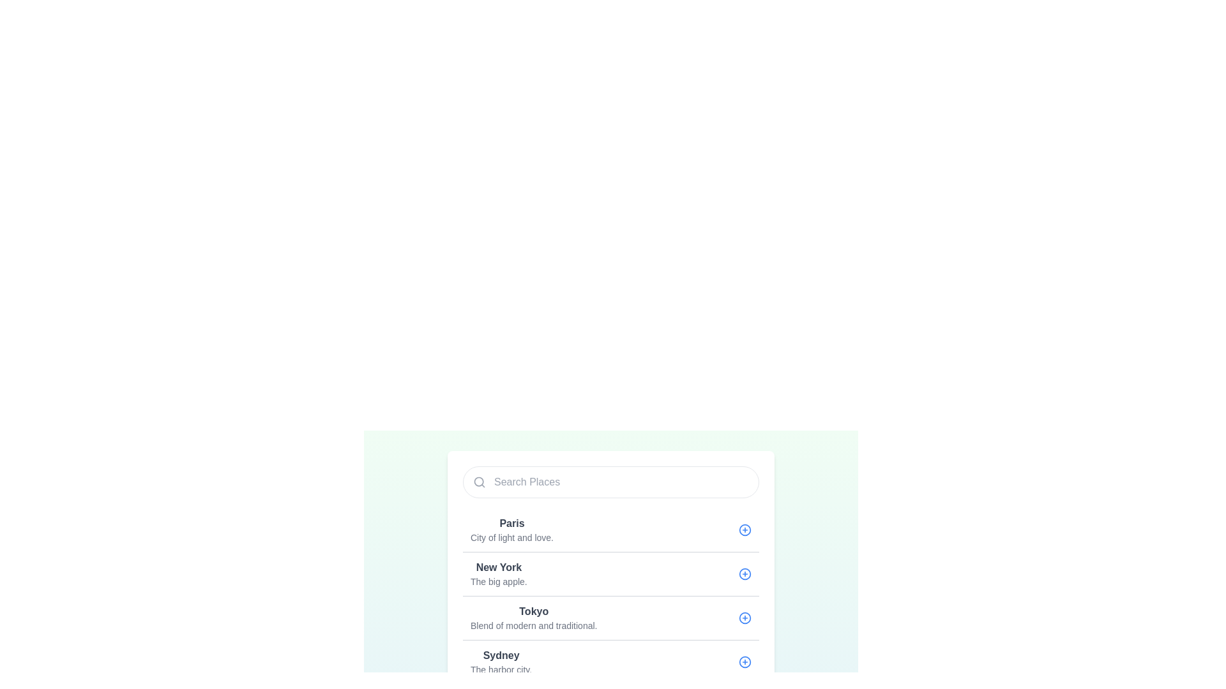 The height and width of the screenshot is (689, 1226). Describe the element at coordinates (745, 661) in the screenshot. I see `the circular icon-based button with a blue outline and a central plus sign, located to the right of the 'Sydney' section in the list` at that location.